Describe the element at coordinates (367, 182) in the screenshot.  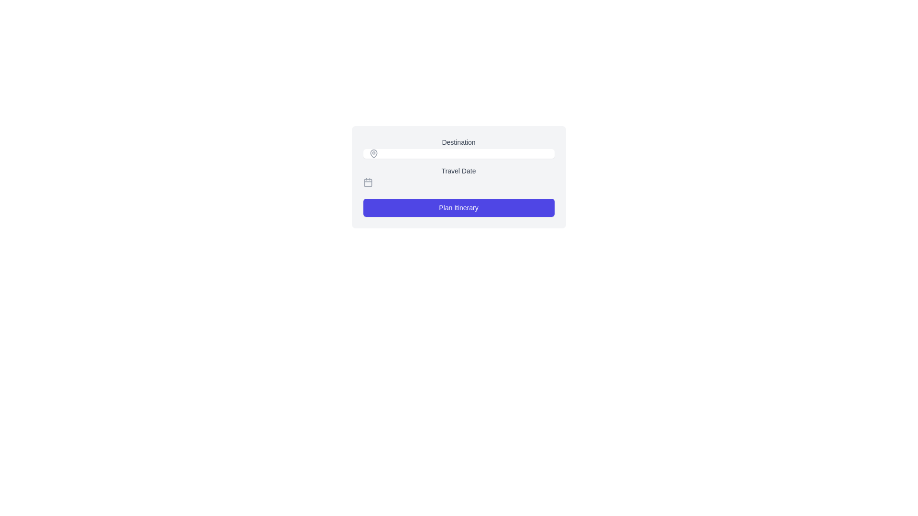
I see `the calendar icon located to the left of the 'Travel Date' input field` at that location.